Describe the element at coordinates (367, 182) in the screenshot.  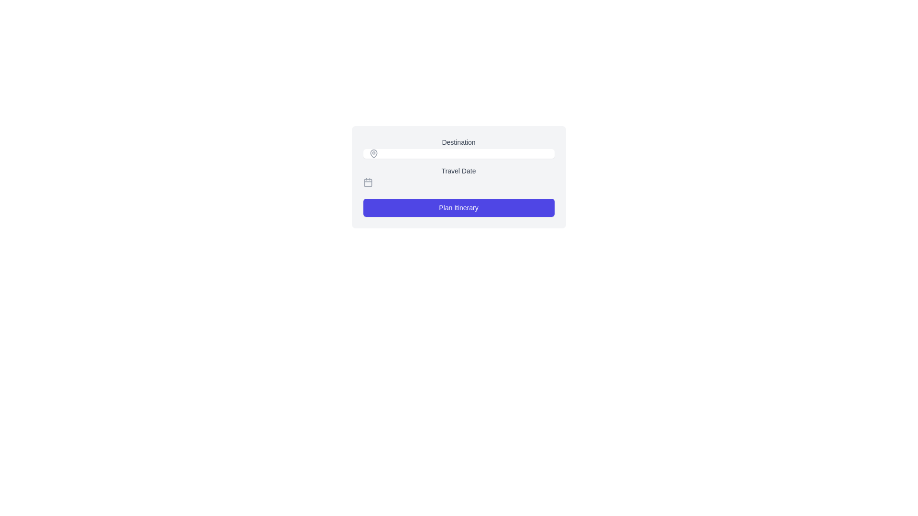
I see `the calendar icon located to the left of the 'Travel Date' input field` at that location.